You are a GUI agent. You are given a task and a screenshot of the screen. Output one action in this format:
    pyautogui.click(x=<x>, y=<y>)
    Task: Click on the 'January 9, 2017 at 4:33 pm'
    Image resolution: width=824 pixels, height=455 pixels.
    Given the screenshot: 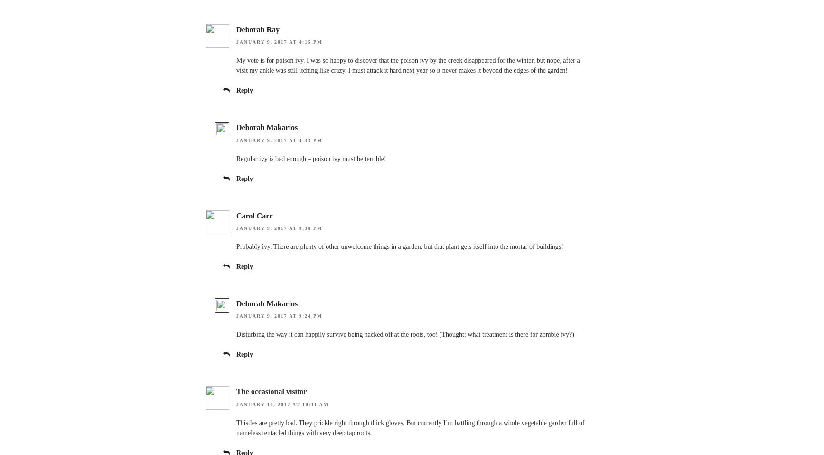 What is the action you would take?
    pyautogui.click(x=236, y=140)
    